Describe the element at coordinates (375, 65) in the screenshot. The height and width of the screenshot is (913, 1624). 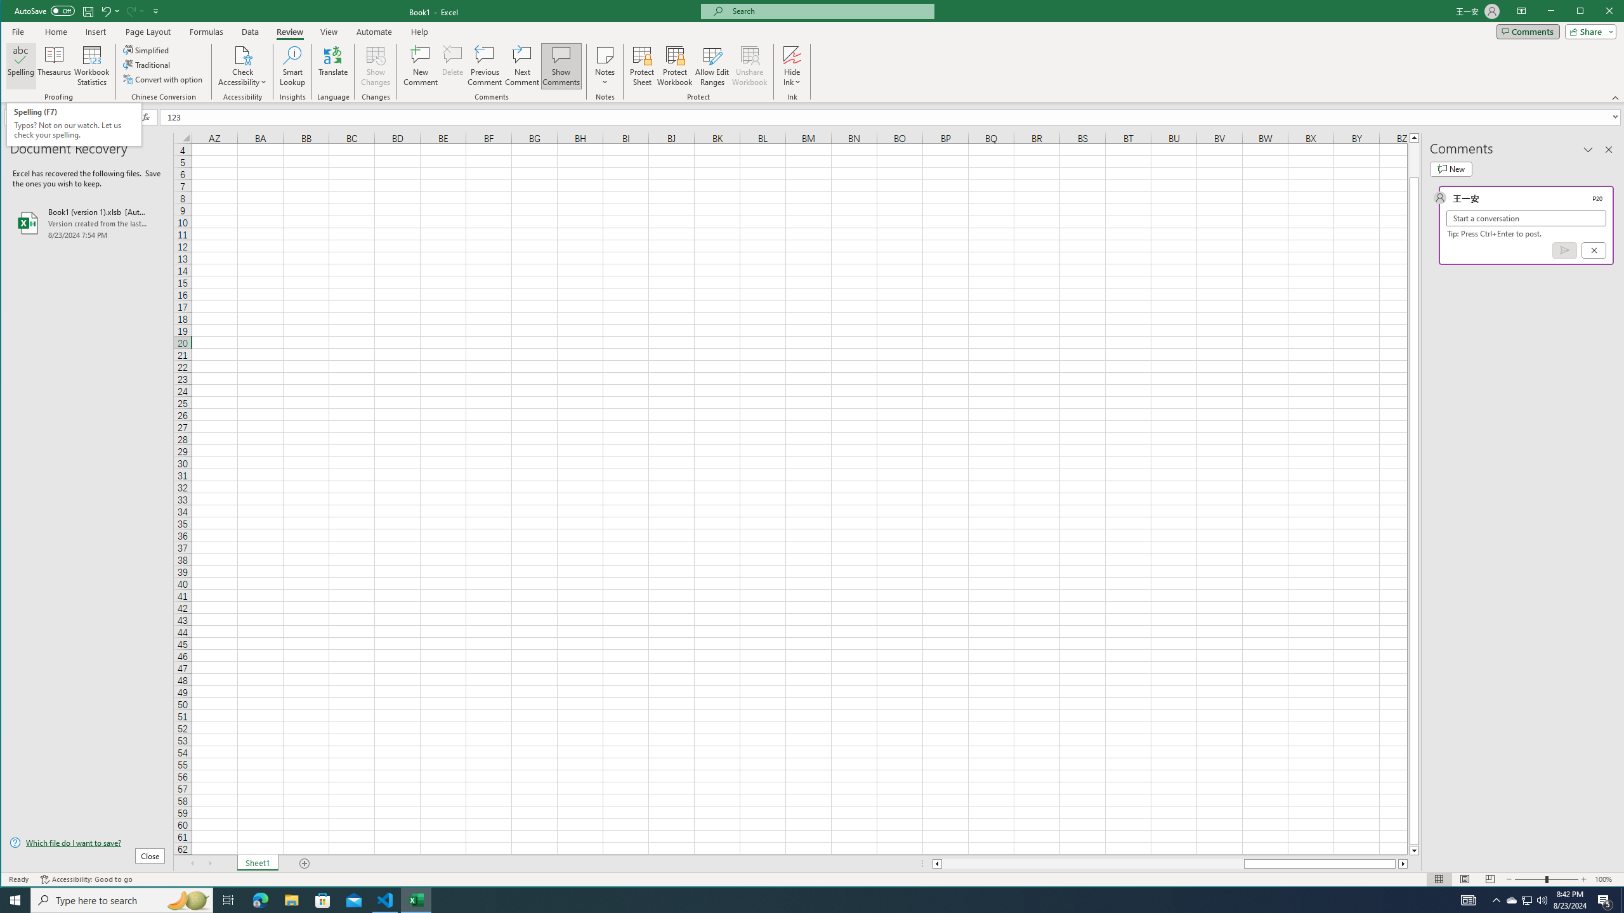
I see `'Show Changes'` at that location.